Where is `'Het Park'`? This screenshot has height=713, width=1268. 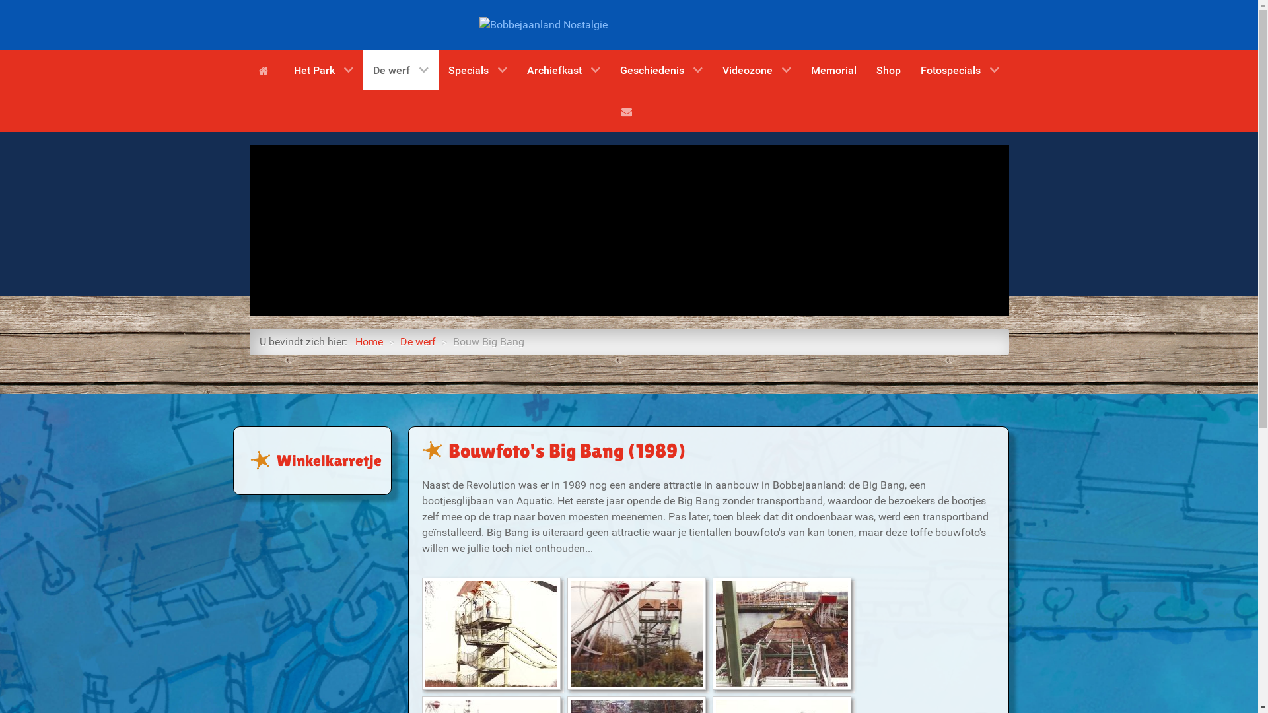 'Het Park' is located at coordinates (323, 69).